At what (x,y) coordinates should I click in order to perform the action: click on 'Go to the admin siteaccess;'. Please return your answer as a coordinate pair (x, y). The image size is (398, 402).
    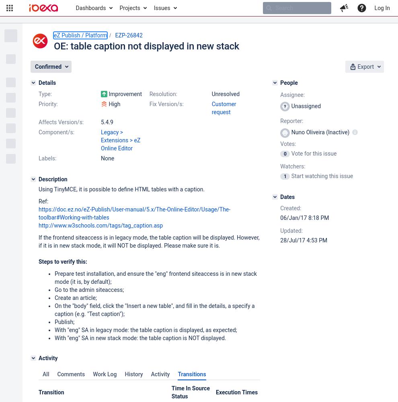
    Looking at the image, I should click on (88, 289).